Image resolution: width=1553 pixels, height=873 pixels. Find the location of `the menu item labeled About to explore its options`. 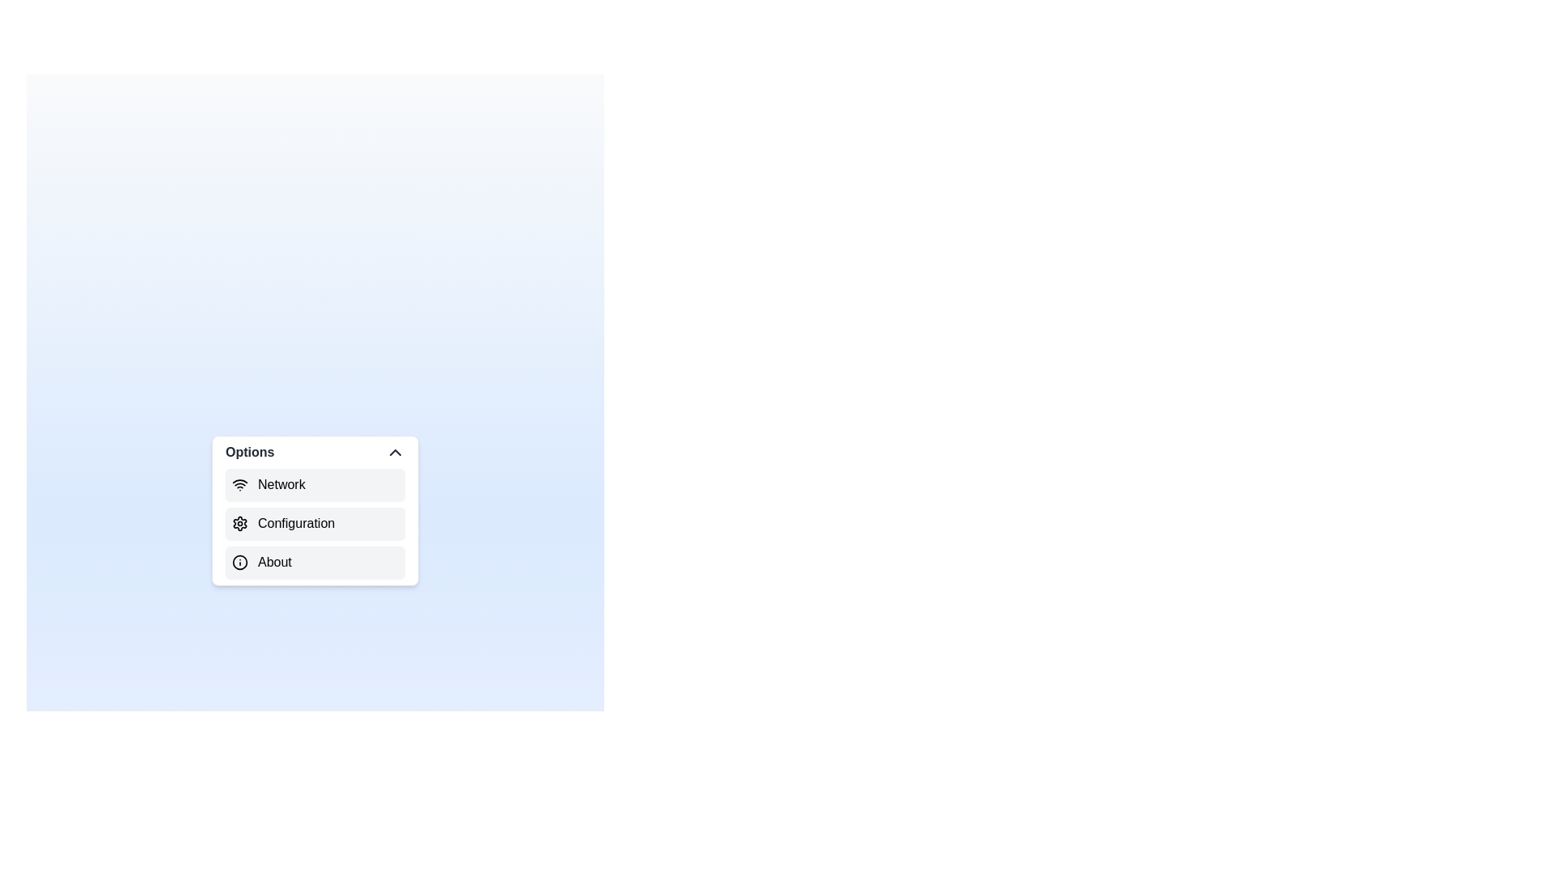

the menu item labeled About to explore its options is located at coordinates (315, 561).